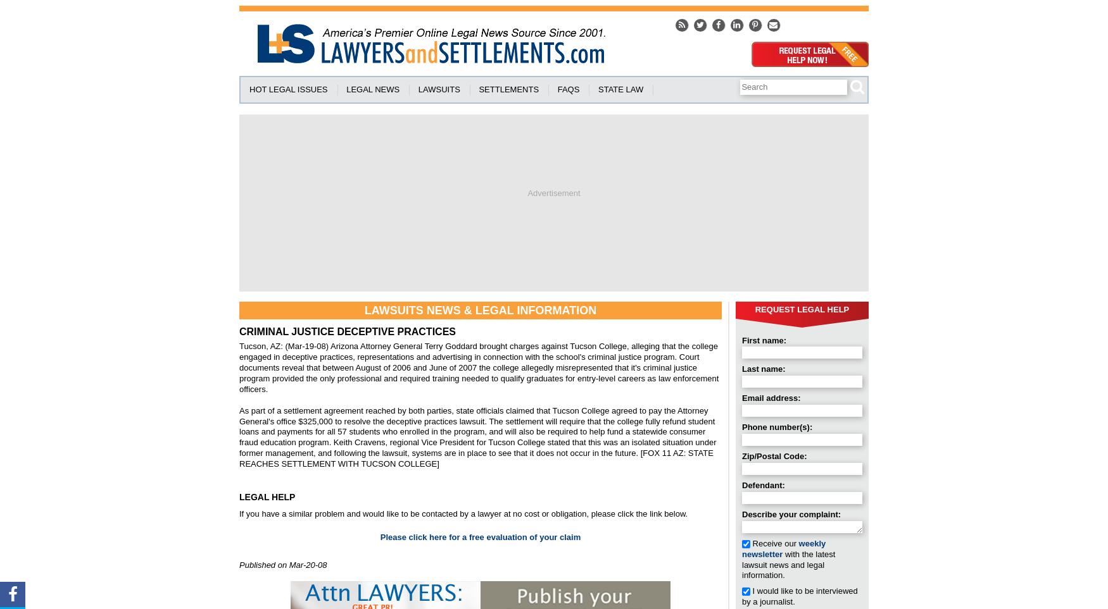 The height and width of the screenshot is (609, 1108). What do you see at coordinates (788, 563) in the screenshot?
I see `'with the latest lawsuit news and legal information.'` at bounding box center [788, 563].